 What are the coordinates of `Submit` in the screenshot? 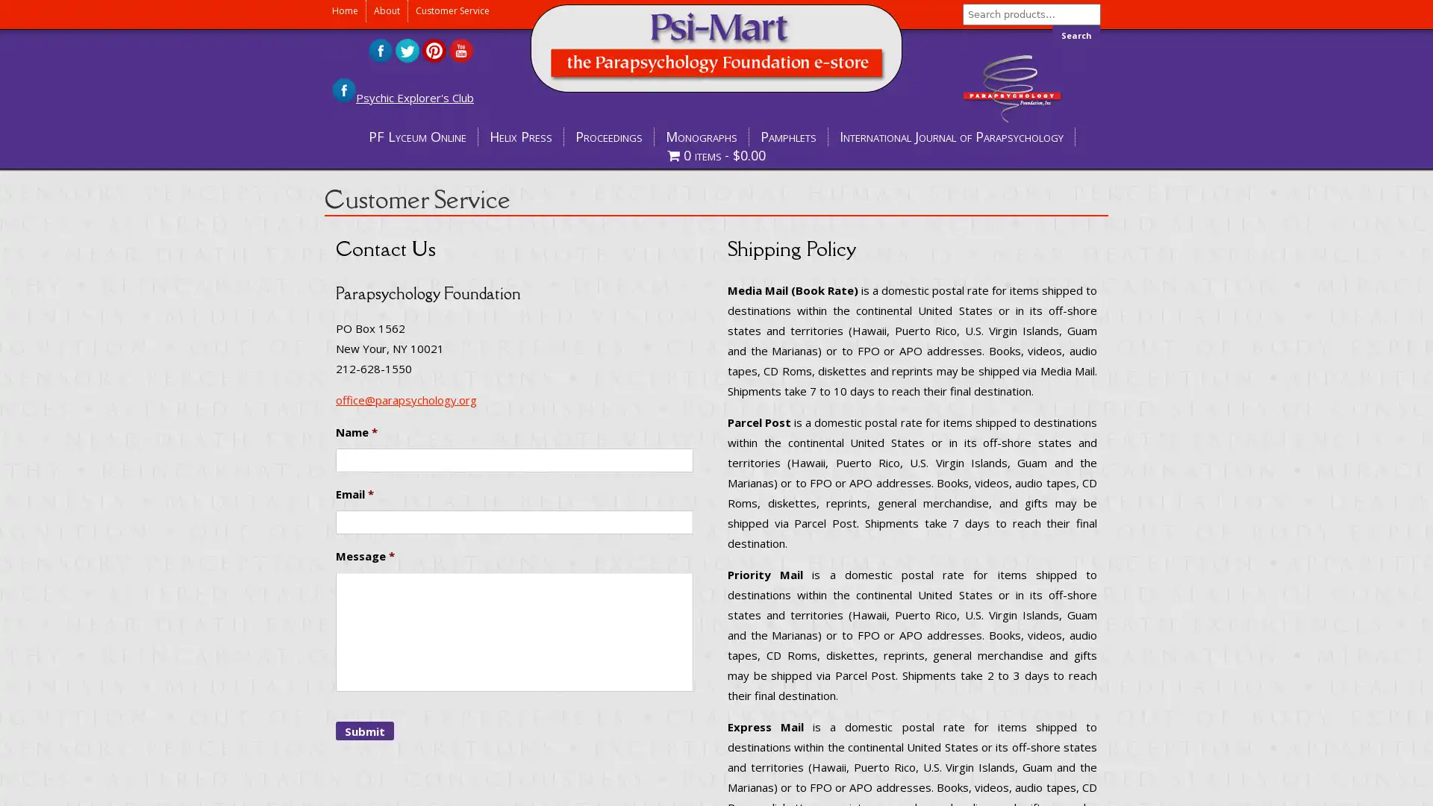 It's located at (365, 730).